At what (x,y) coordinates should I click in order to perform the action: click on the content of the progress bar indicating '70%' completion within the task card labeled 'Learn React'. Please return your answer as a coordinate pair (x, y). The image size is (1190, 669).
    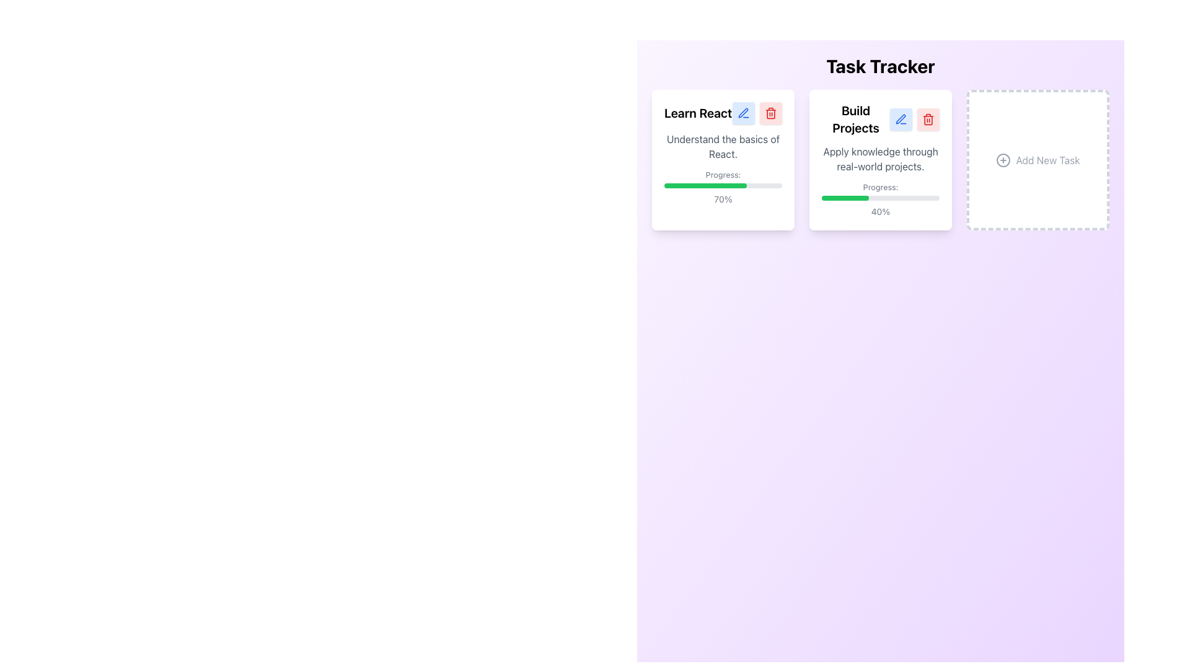
    Looking at the image, I should click on (723, 186).